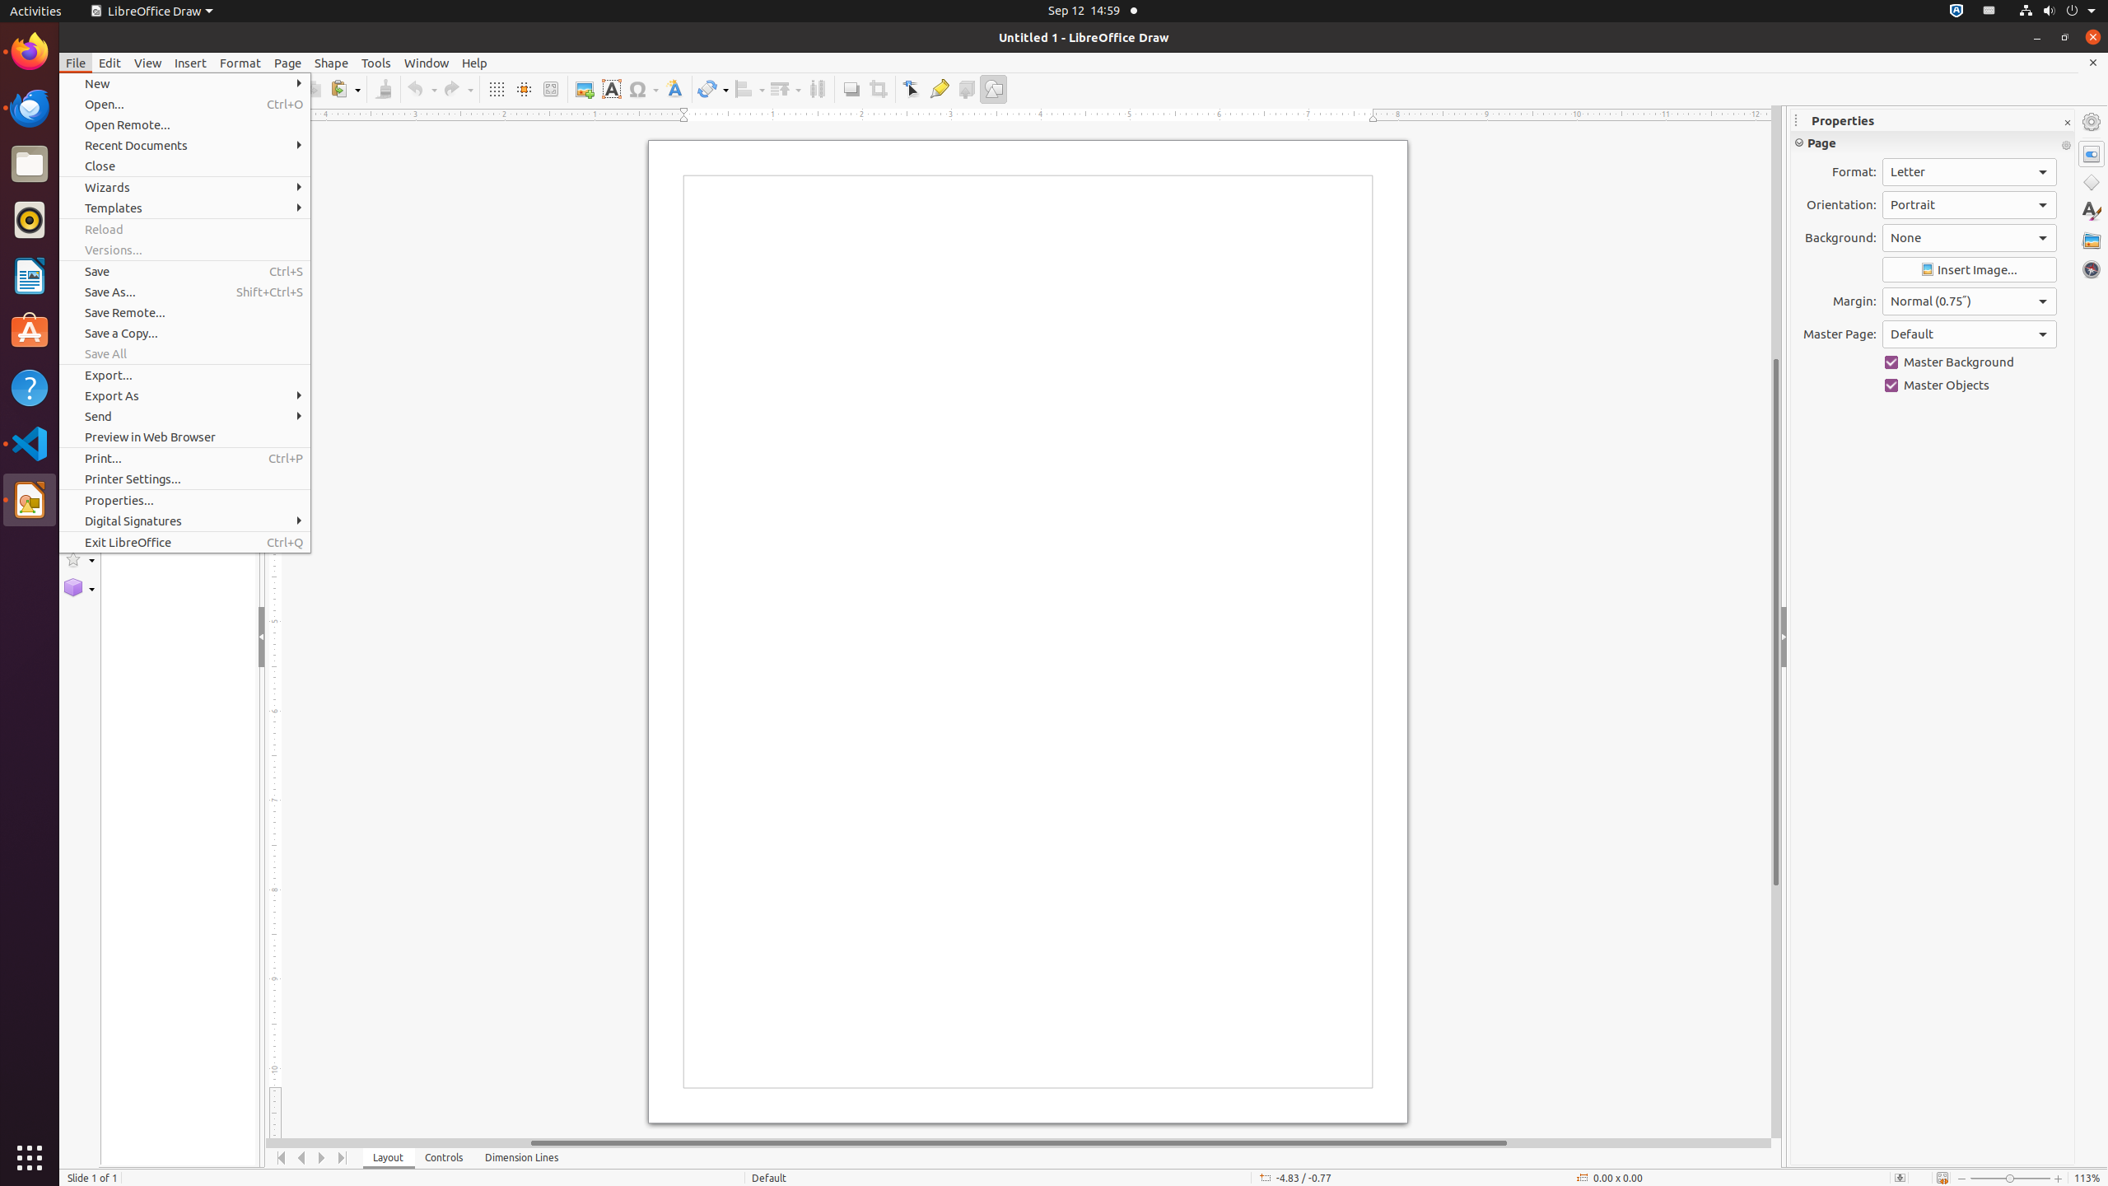 This screenshot has width=2108, height=1186. Describe the element at coordinates (496, 88) in the screenshot. I see `'Grid'` at that location.